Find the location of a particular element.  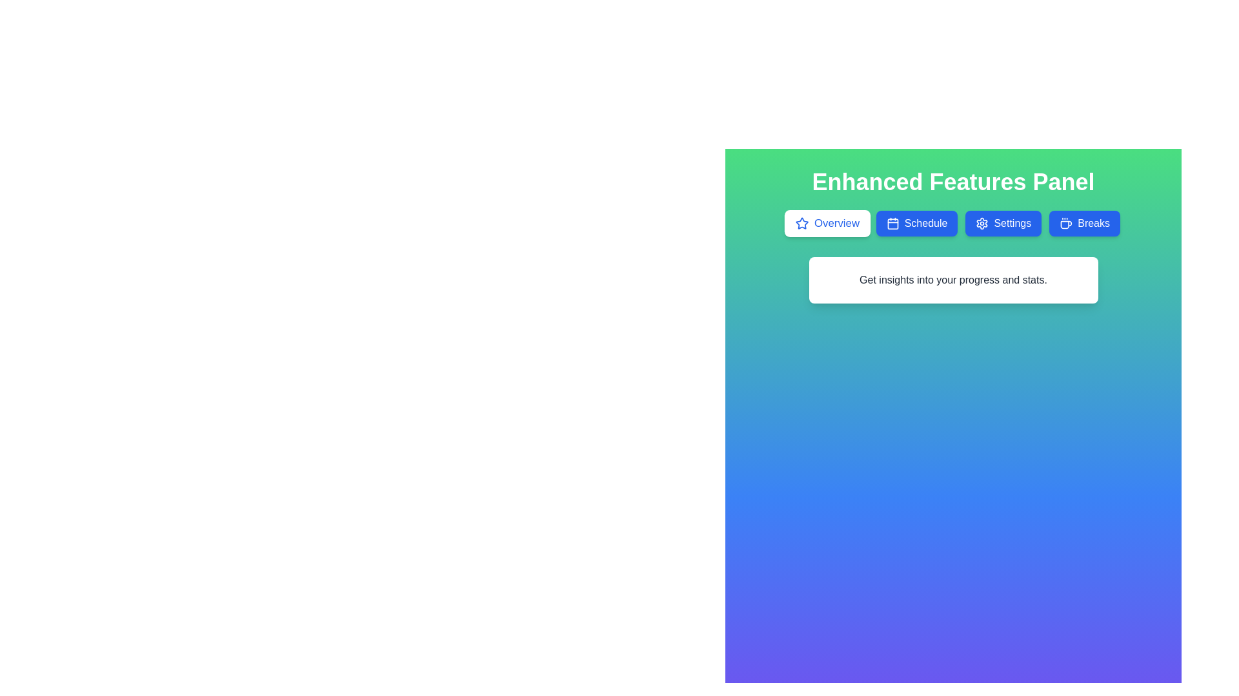

the blue star icon outlined in white that is located to the left of the text 'Overview' in the navigation bar is located at coordinates (801, 223).